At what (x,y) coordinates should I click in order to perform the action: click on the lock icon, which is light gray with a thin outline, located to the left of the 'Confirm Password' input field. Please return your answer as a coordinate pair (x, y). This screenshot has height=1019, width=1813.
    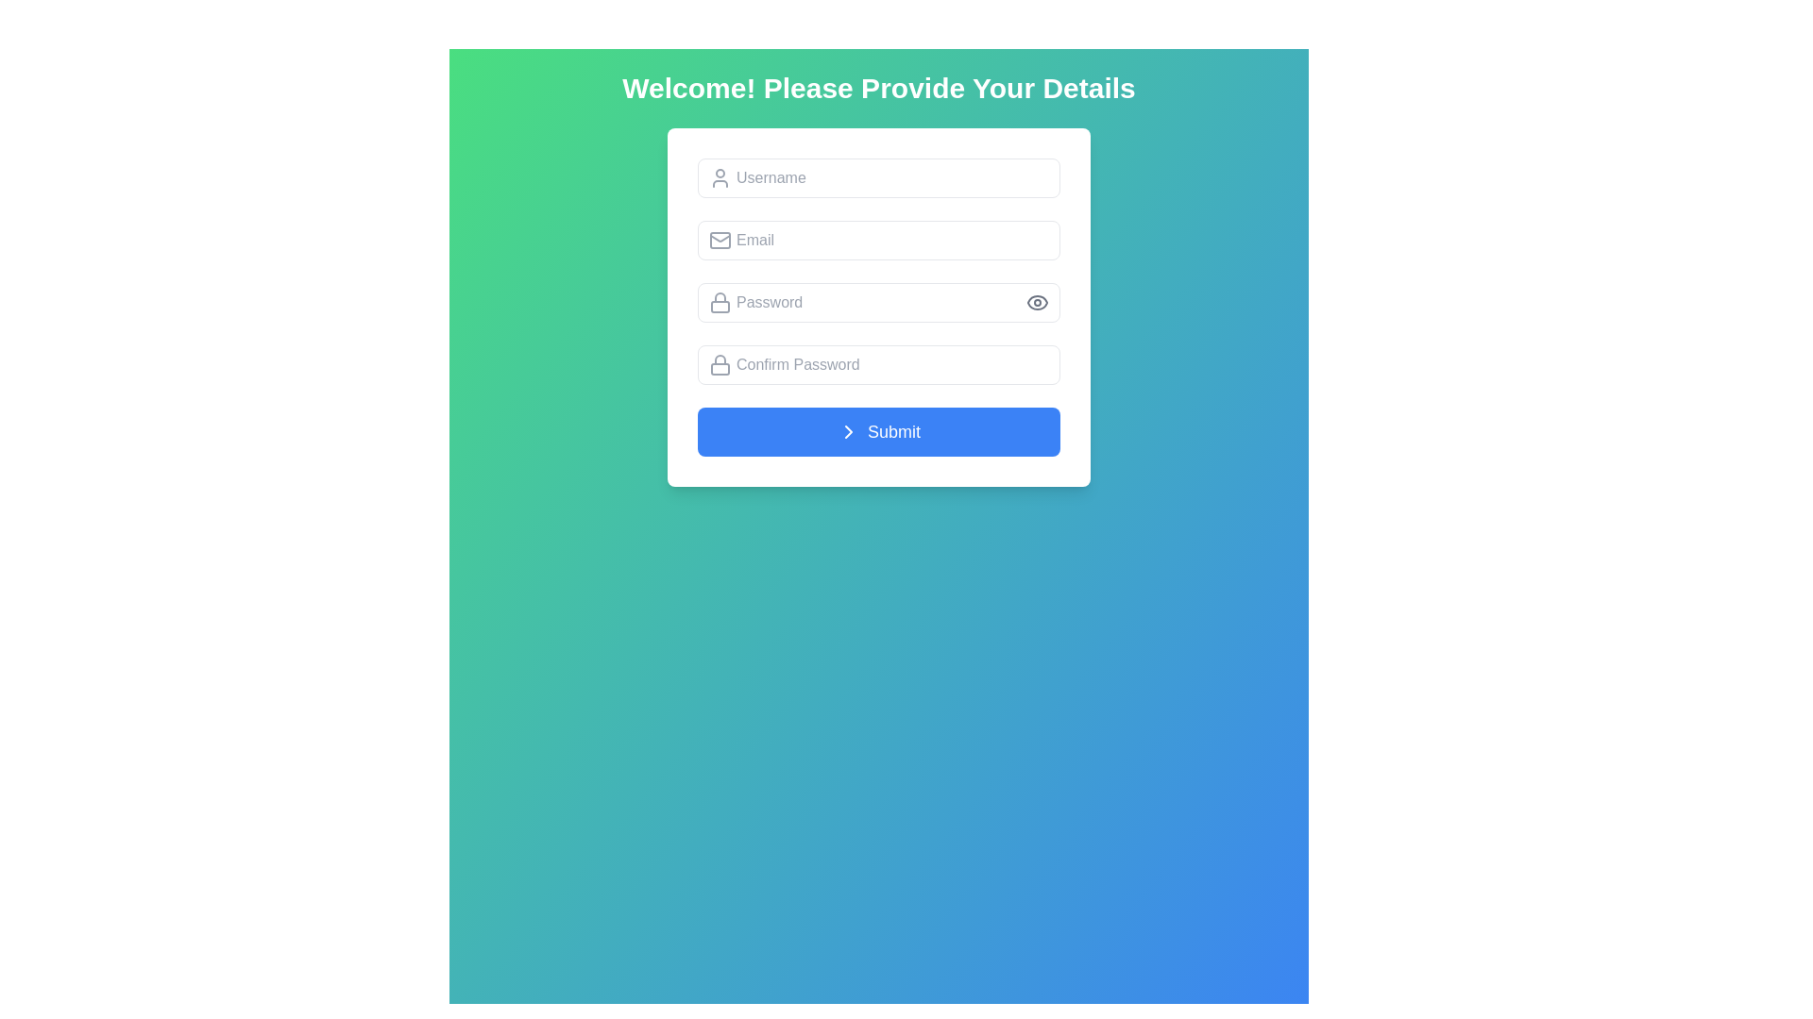
    Looking at the image, I should click on (720, 364).